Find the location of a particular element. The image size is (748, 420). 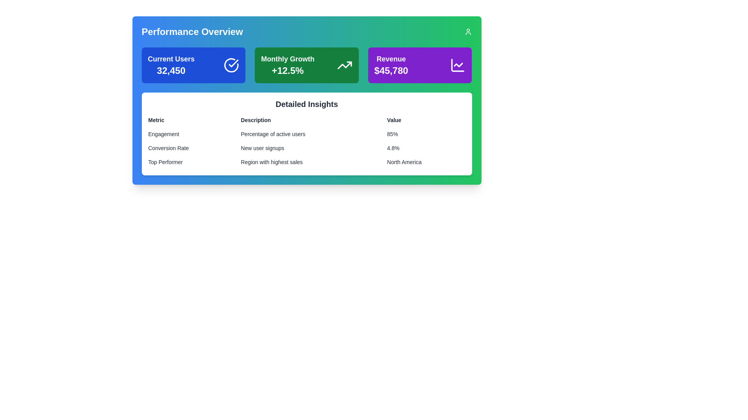

the small checkmark icon inside the circle, which serves as a confirmation indicator within the 'Current Users' card in the top-left quadrant of the dashboard is located at coordinates (233, 63).